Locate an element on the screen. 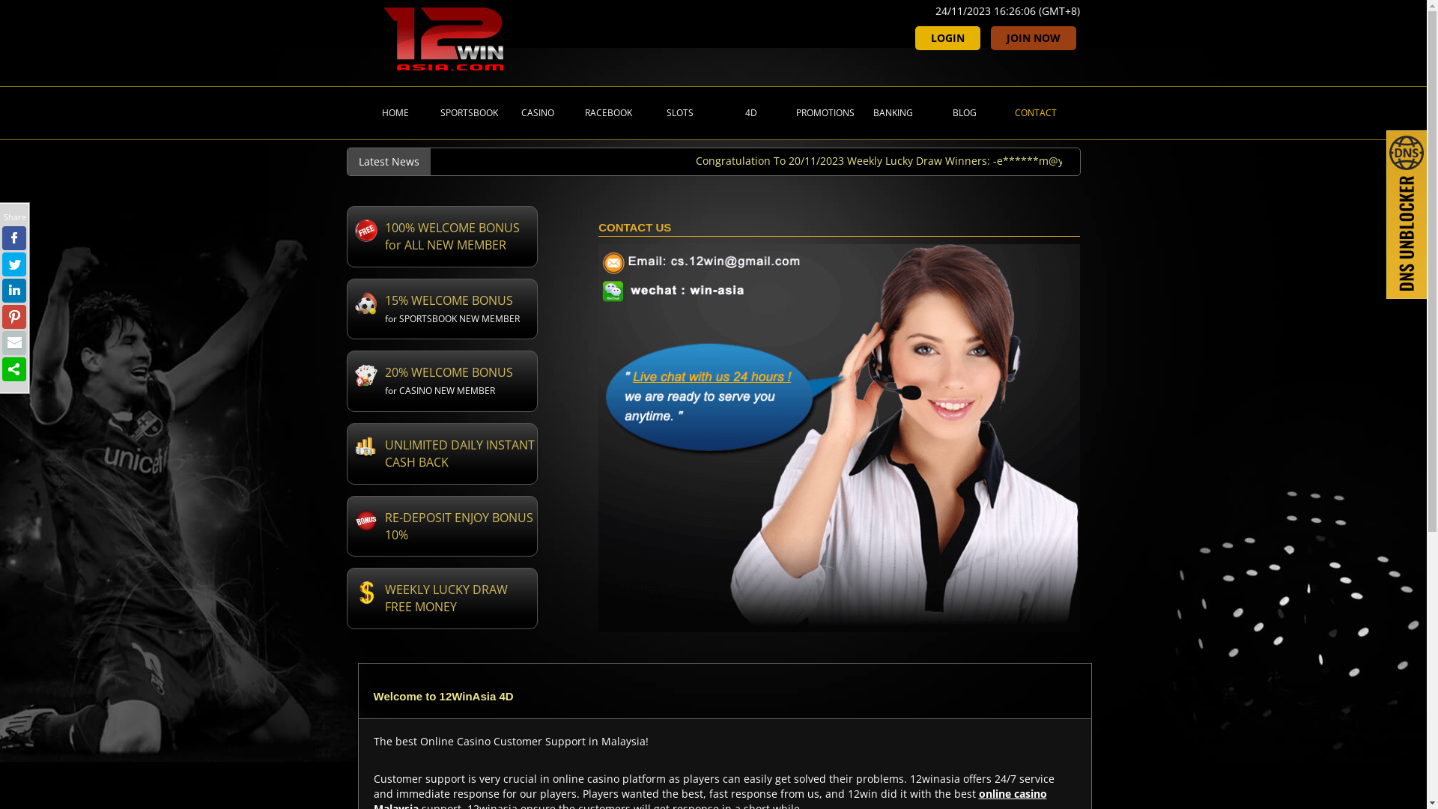 The image size is (1438, 809). '15% WELCOME BONUS is located at coordinates (440, 308).